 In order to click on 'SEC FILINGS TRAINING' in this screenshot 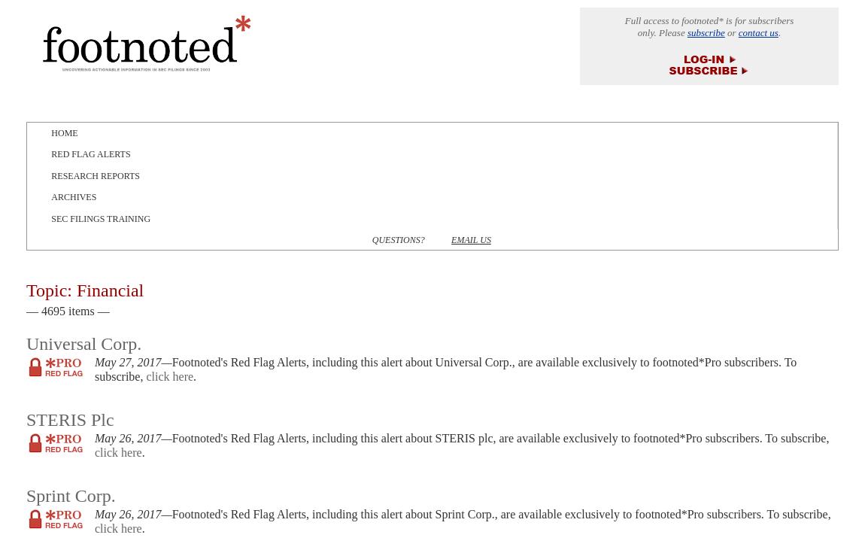, I will do `click(99, 218)`.